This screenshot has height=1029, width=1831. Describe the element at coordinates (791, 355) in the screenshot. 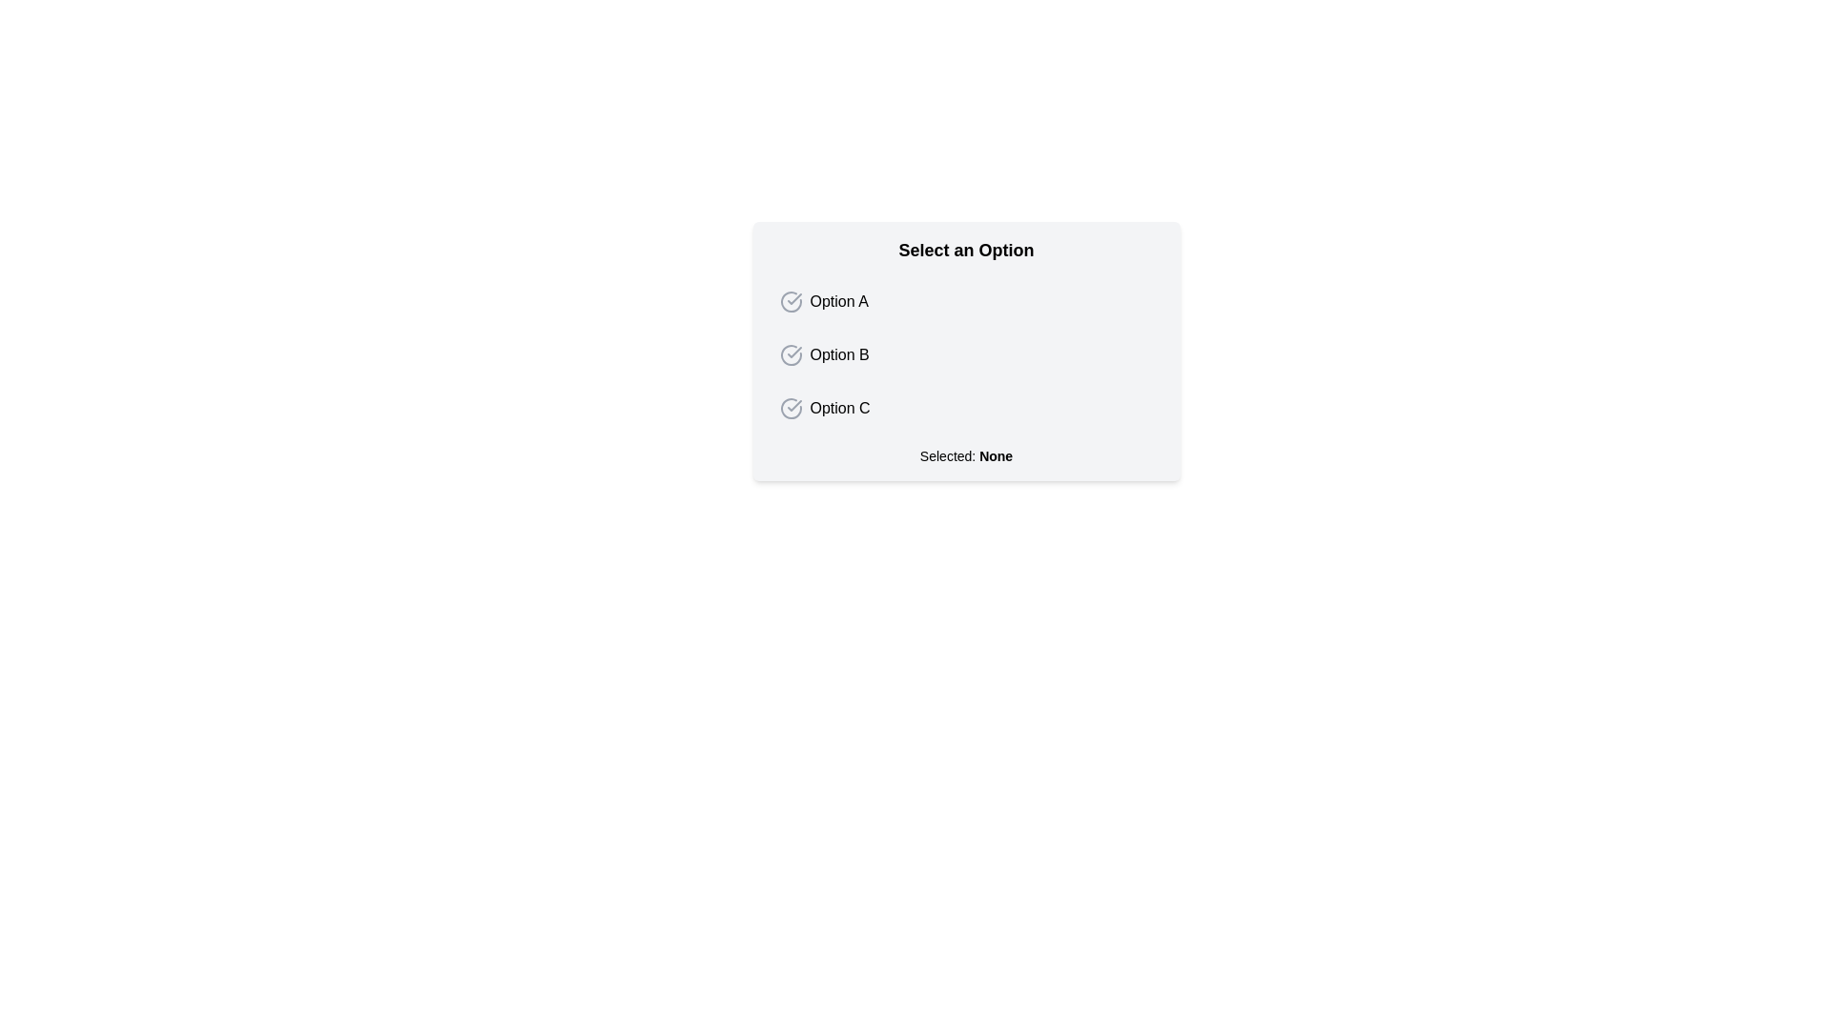

I see `state of the radio button indicator located to the left of the 'Option B' text in the second option of the vertical list` at that location.